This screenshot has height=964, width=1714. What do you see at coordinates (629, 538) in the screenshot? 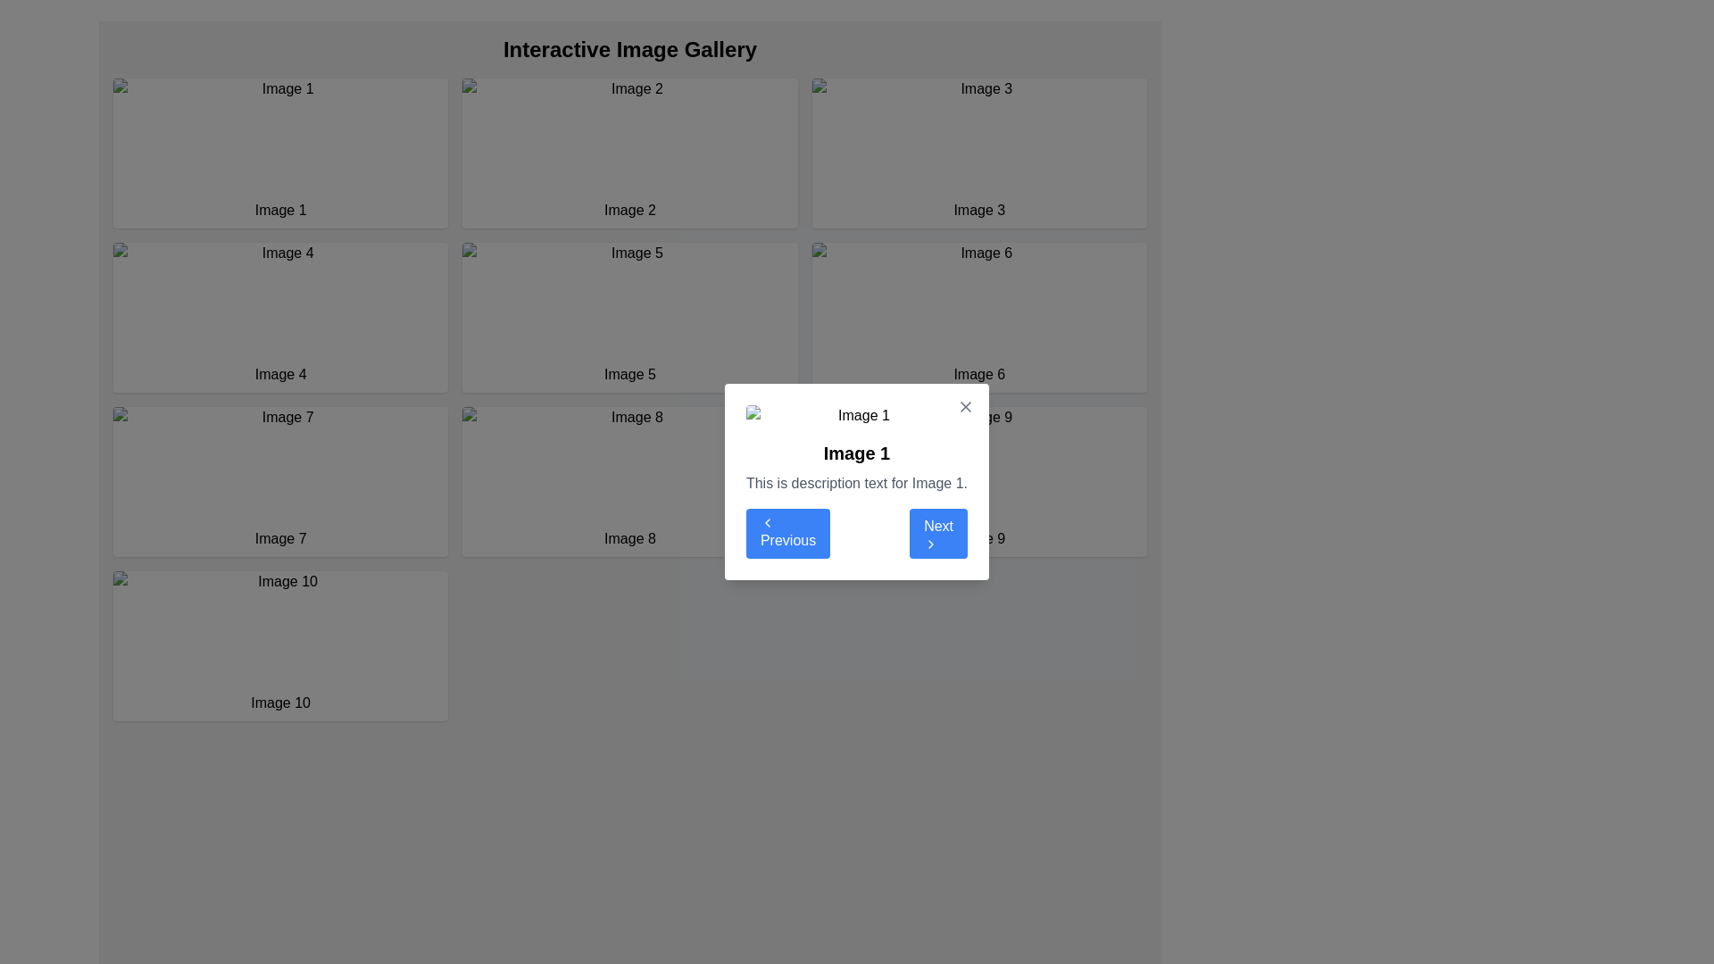
I see `the Label or Static Text that identifies the image above it as 'Image 8', located in the 3rd row and 2nd column of the grid layout` at bounding box center [629, 538].